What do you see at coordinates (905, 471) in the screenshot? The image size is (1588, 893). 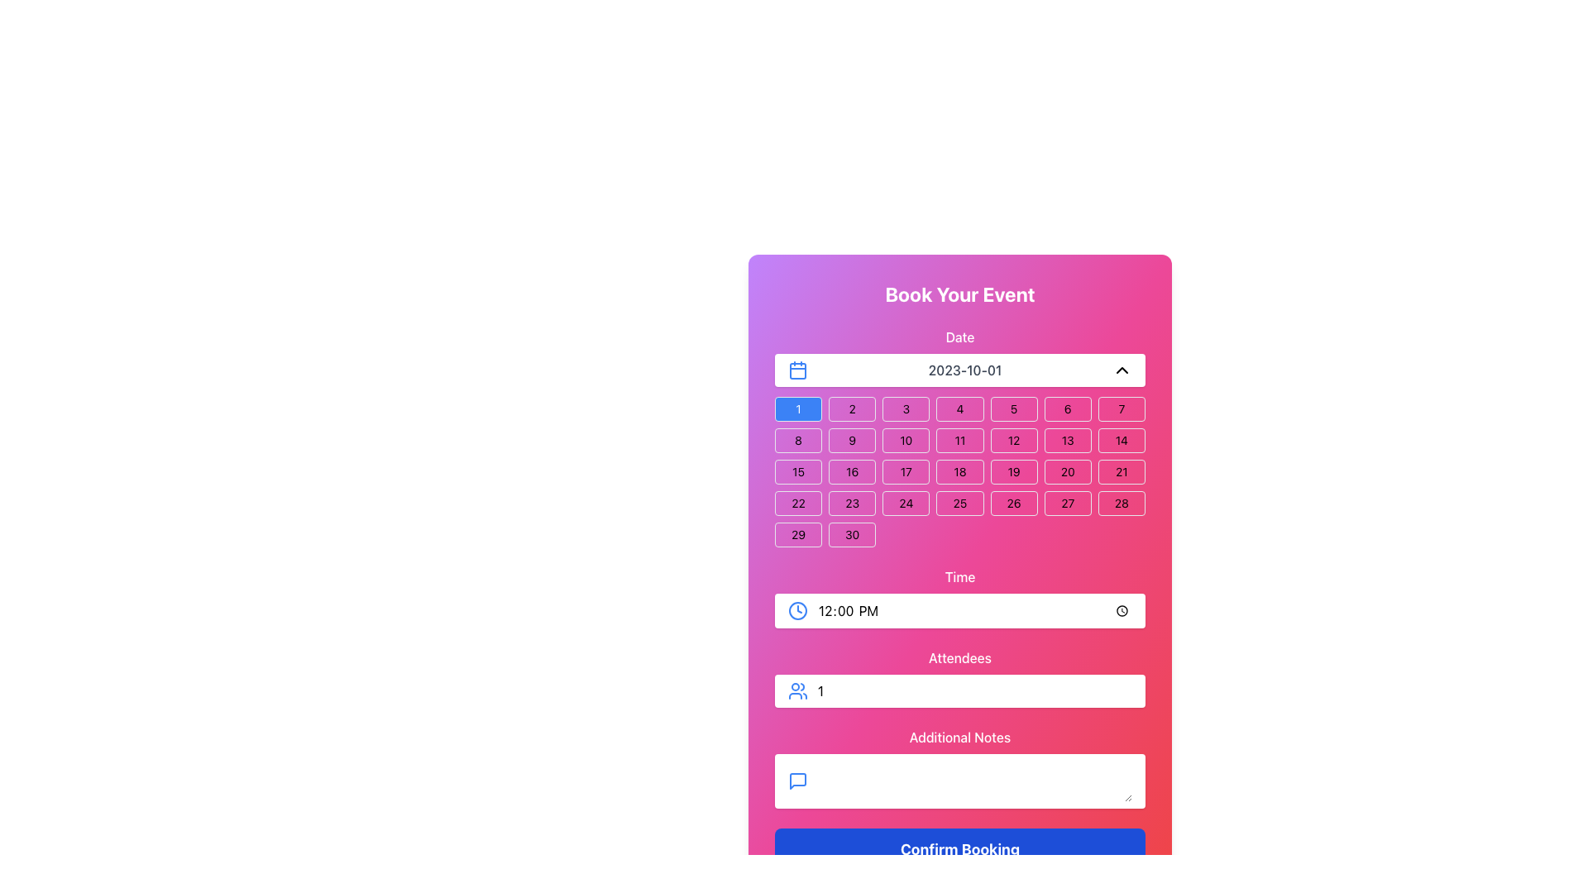 I see `the date selection button for the 17th day of the month located in the third row and third column of the calendar widget under the text 'Date'` at bounding box center [905, 471].